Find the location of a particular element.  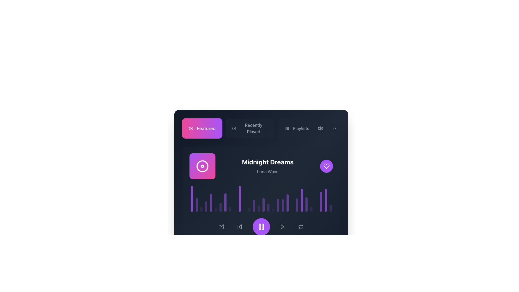

the pause button located centrally in the bottom control section of the interface to halt the playback of an audio or video track is located at coordinates (261, 227).